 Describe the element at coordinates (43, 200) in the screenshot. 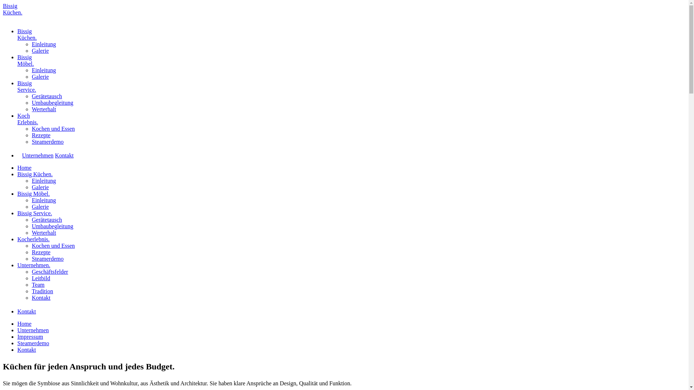

I see `'Einleitung'` at that location.